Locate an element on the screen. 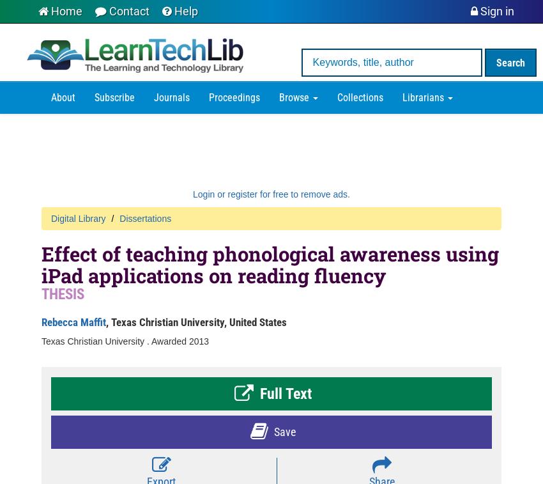 This screenshot has height=484, width=543. ', Texas Christian University, United States' is located at coordinates (106, 322).